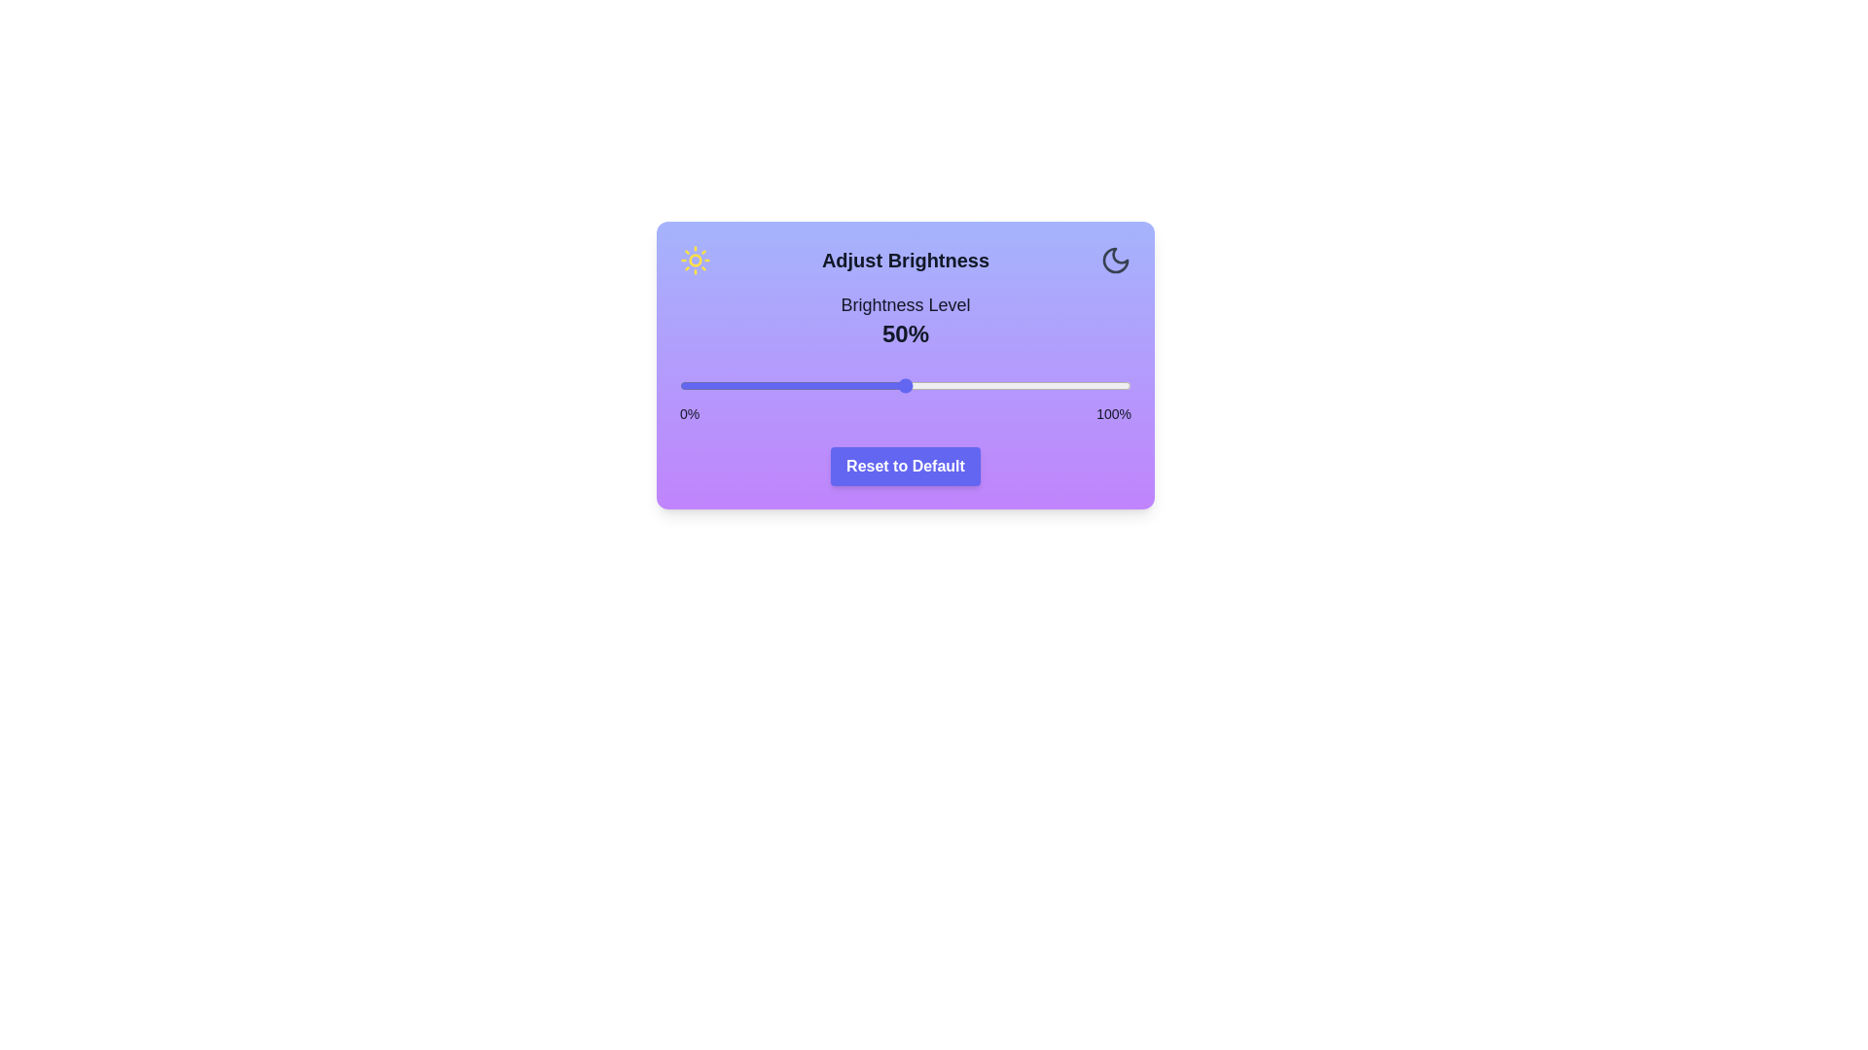  Describe the element at coordinates (1131, 386) in the screenshot. I see `the brightness slider to 100%` at that location.